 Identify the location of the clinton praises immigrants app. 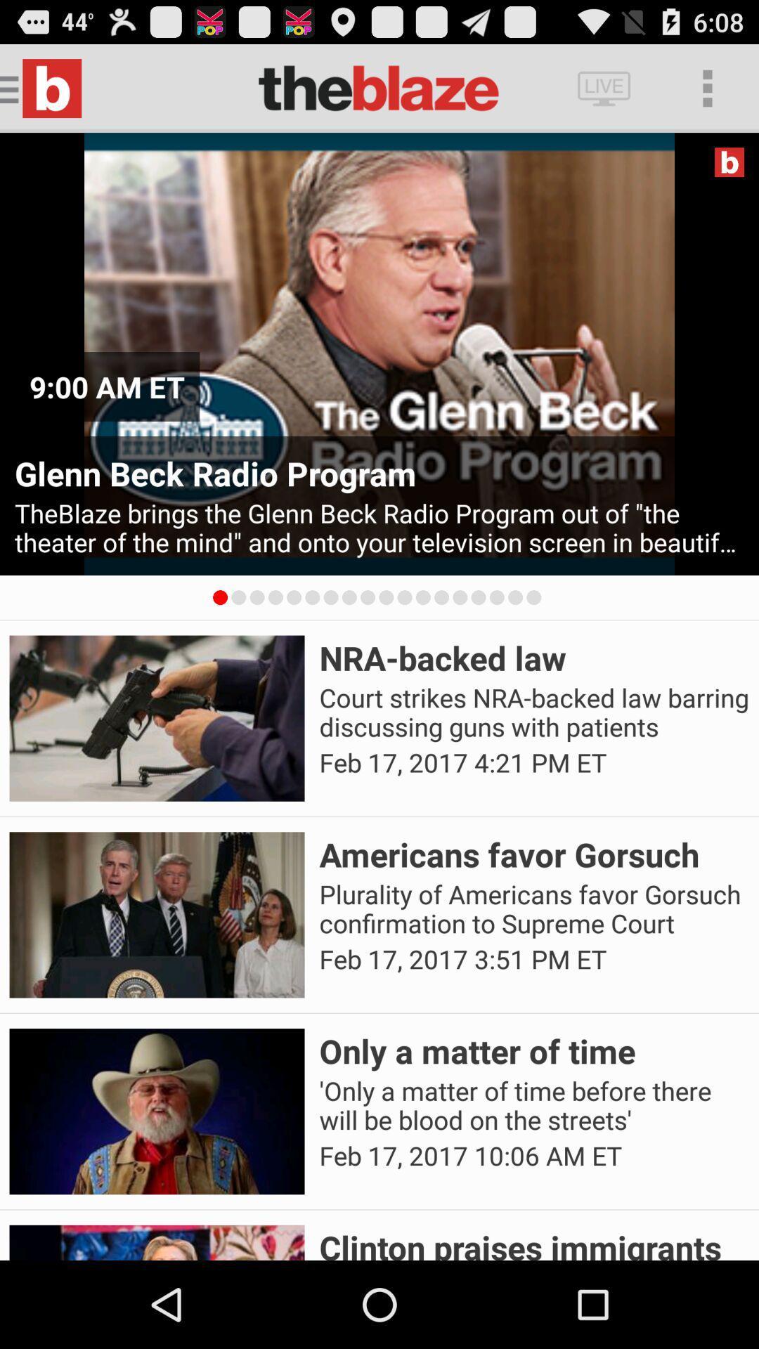
(534, 1242).